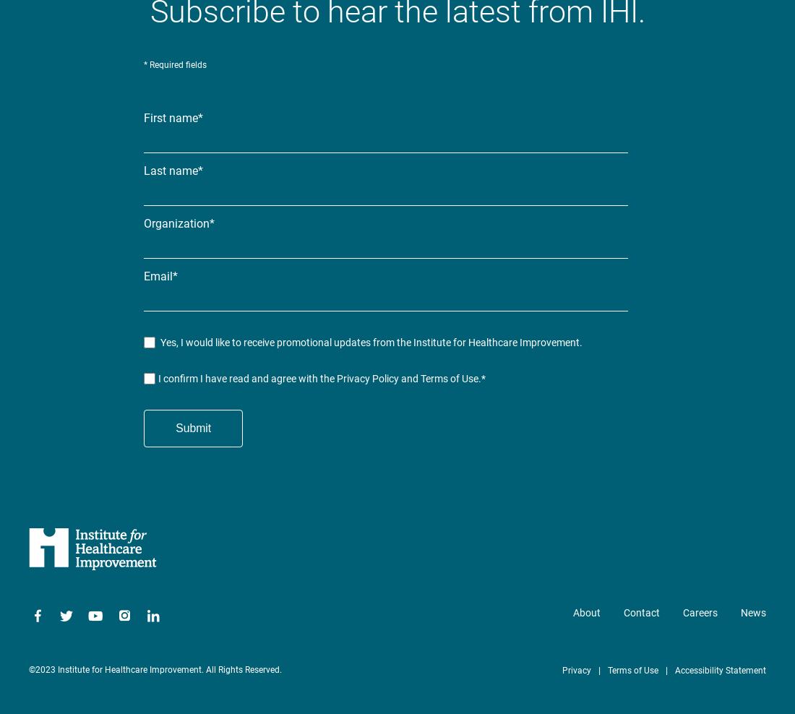 The height and width of the screenshot is (714, 795). Describe the element at coordinates (699, 613) in the screenshot. I see `'Careers'` at that location.